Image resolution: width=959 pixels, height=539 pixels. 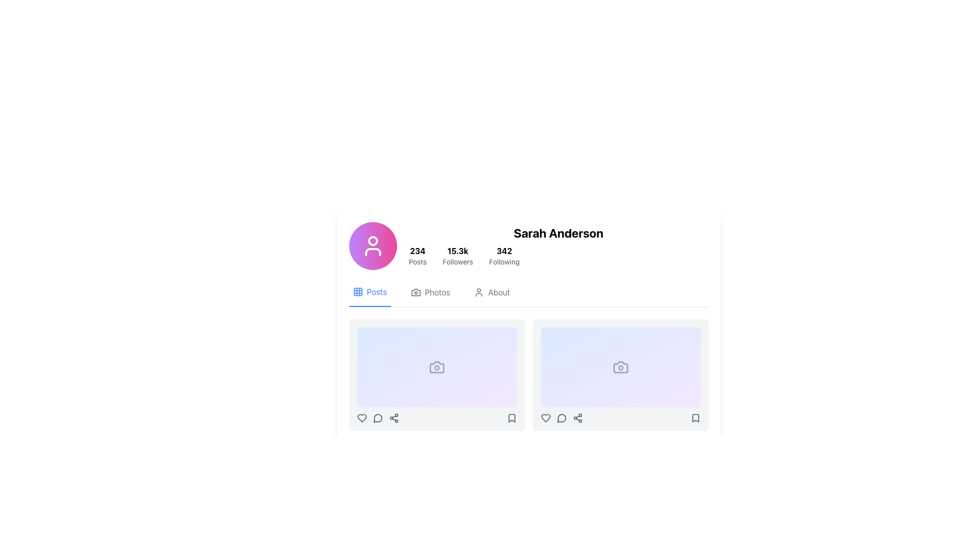 What do you see at coordinates (372, 241) in the screenshot?
I see `the circular graphical component that is centrally located within the user avatar SVG icon, which is colored in a gradient pink and purple shade` at bounding box center [372, 241].